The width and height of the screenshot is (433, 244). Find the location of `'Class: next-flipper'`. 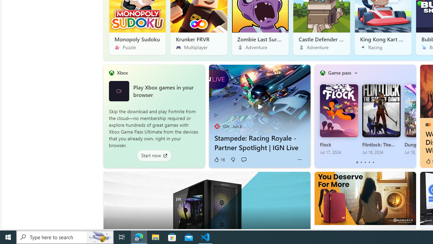

'Class: next-flipper' is located at coordinates (412, 116).